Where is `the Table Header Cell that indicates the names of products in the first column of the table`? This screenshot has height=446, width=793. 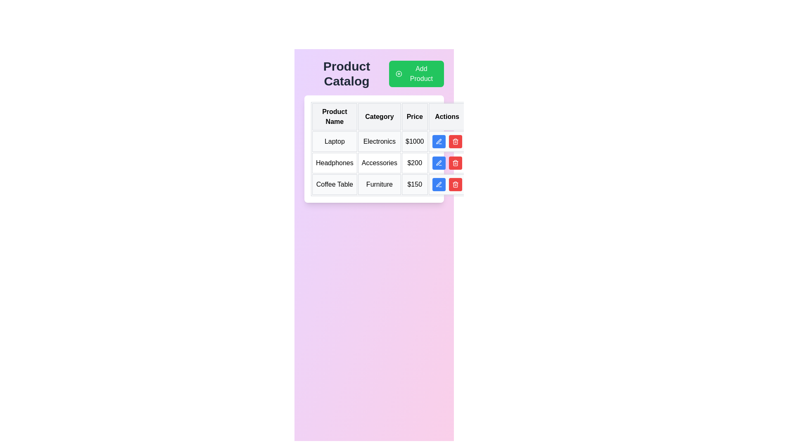 the Table Header Cell that indicates the names of products in the first column of the table is located at coordinates (335, 116).